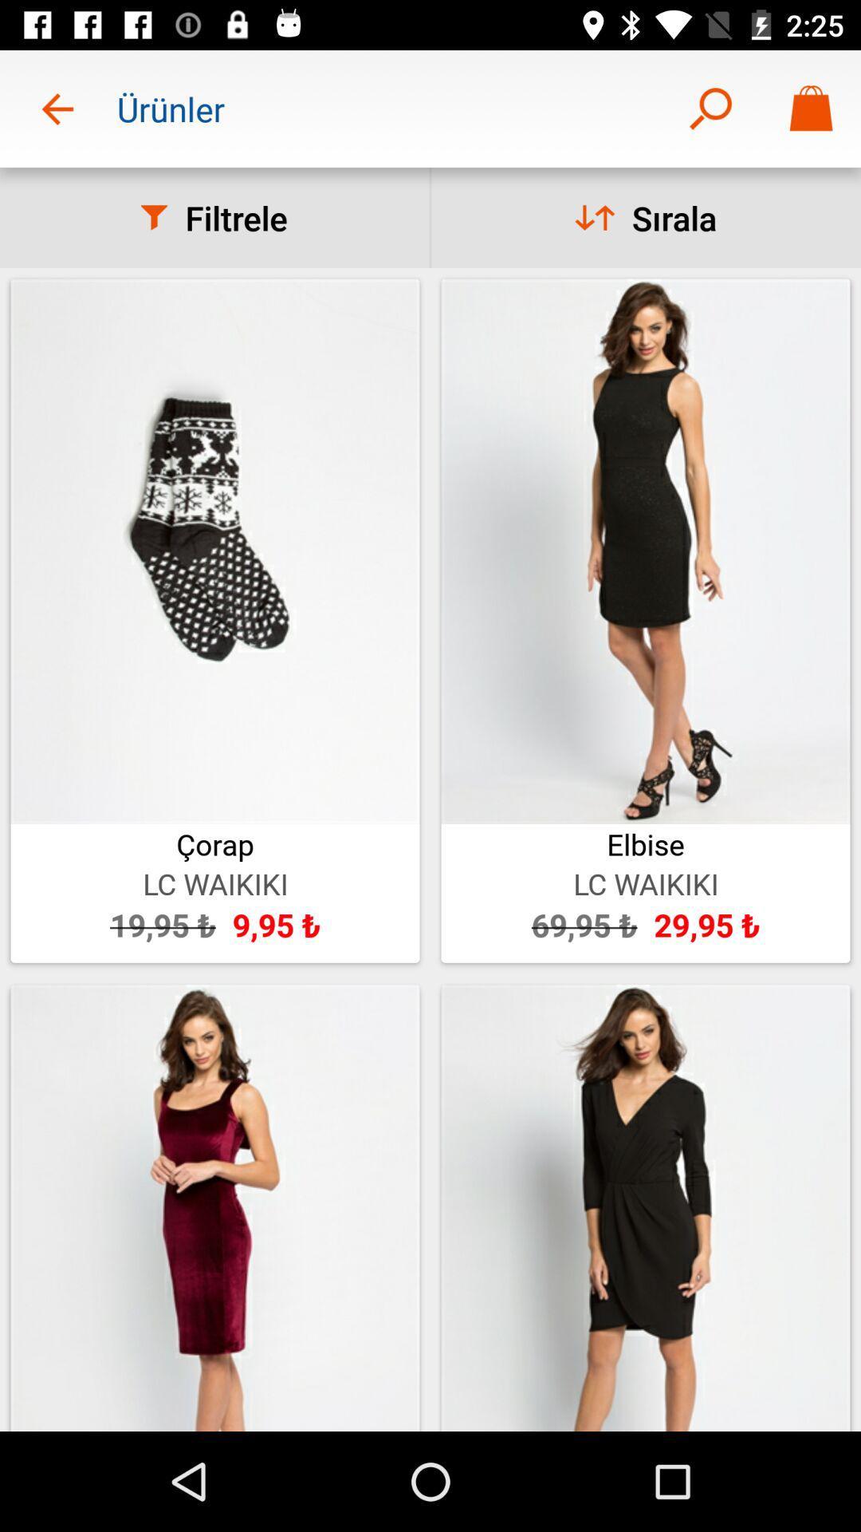 The image size is (861, 1532). Describe the element at coordinates (215, 1207) in the screenshot. I see `image above back button` at that location.